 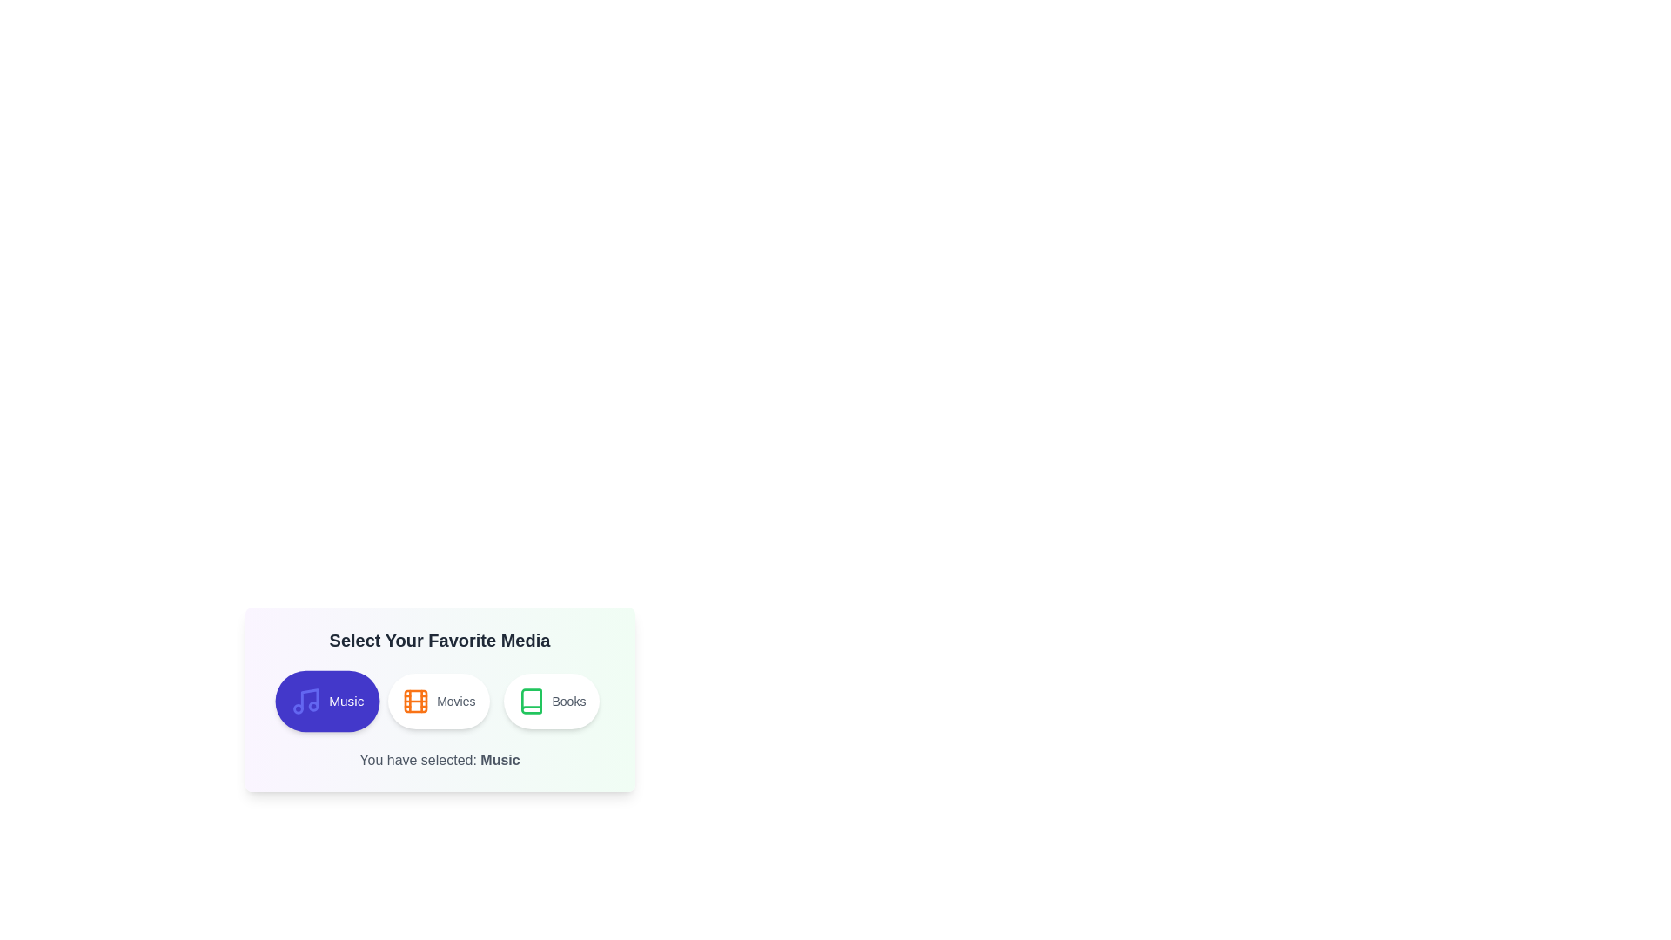 I want to click on the button corresponding to the media type Movies to select it, so click(x=439, y=701).